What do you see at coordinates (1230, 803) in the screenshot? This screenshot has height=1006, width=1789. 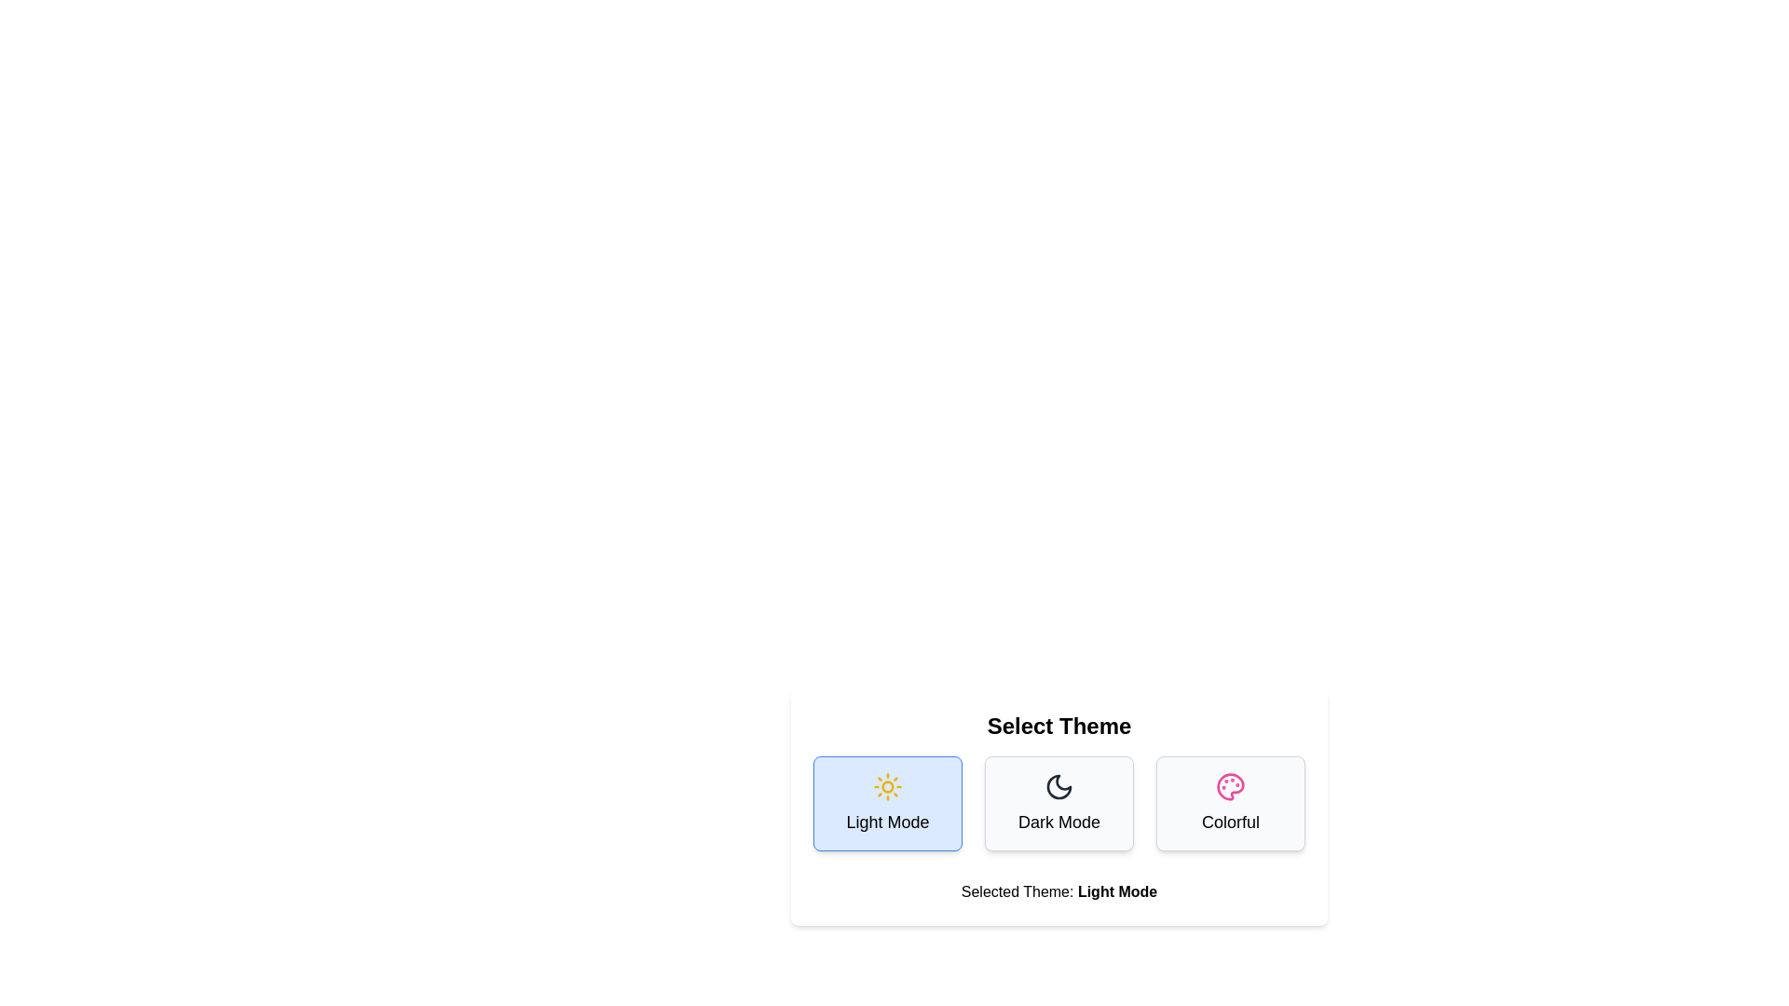 I see `the theme button corresponding to Colorful` at bounding box center [1230, 803].